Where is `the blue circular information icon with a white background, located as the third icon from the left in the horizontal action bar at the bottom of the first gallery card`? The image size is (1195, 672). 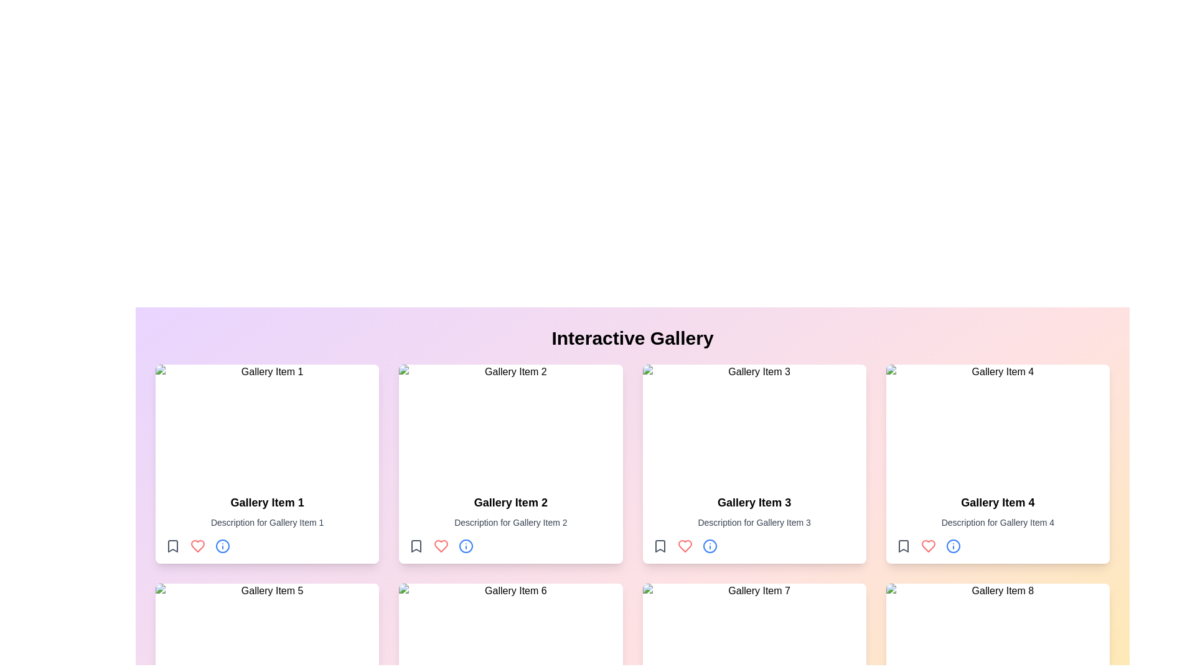
the blue circular information icon with a white background, located as the third icon from the left in the horizontal action bar at the bottom of the first gallery card is located at coordinates (223, 546).